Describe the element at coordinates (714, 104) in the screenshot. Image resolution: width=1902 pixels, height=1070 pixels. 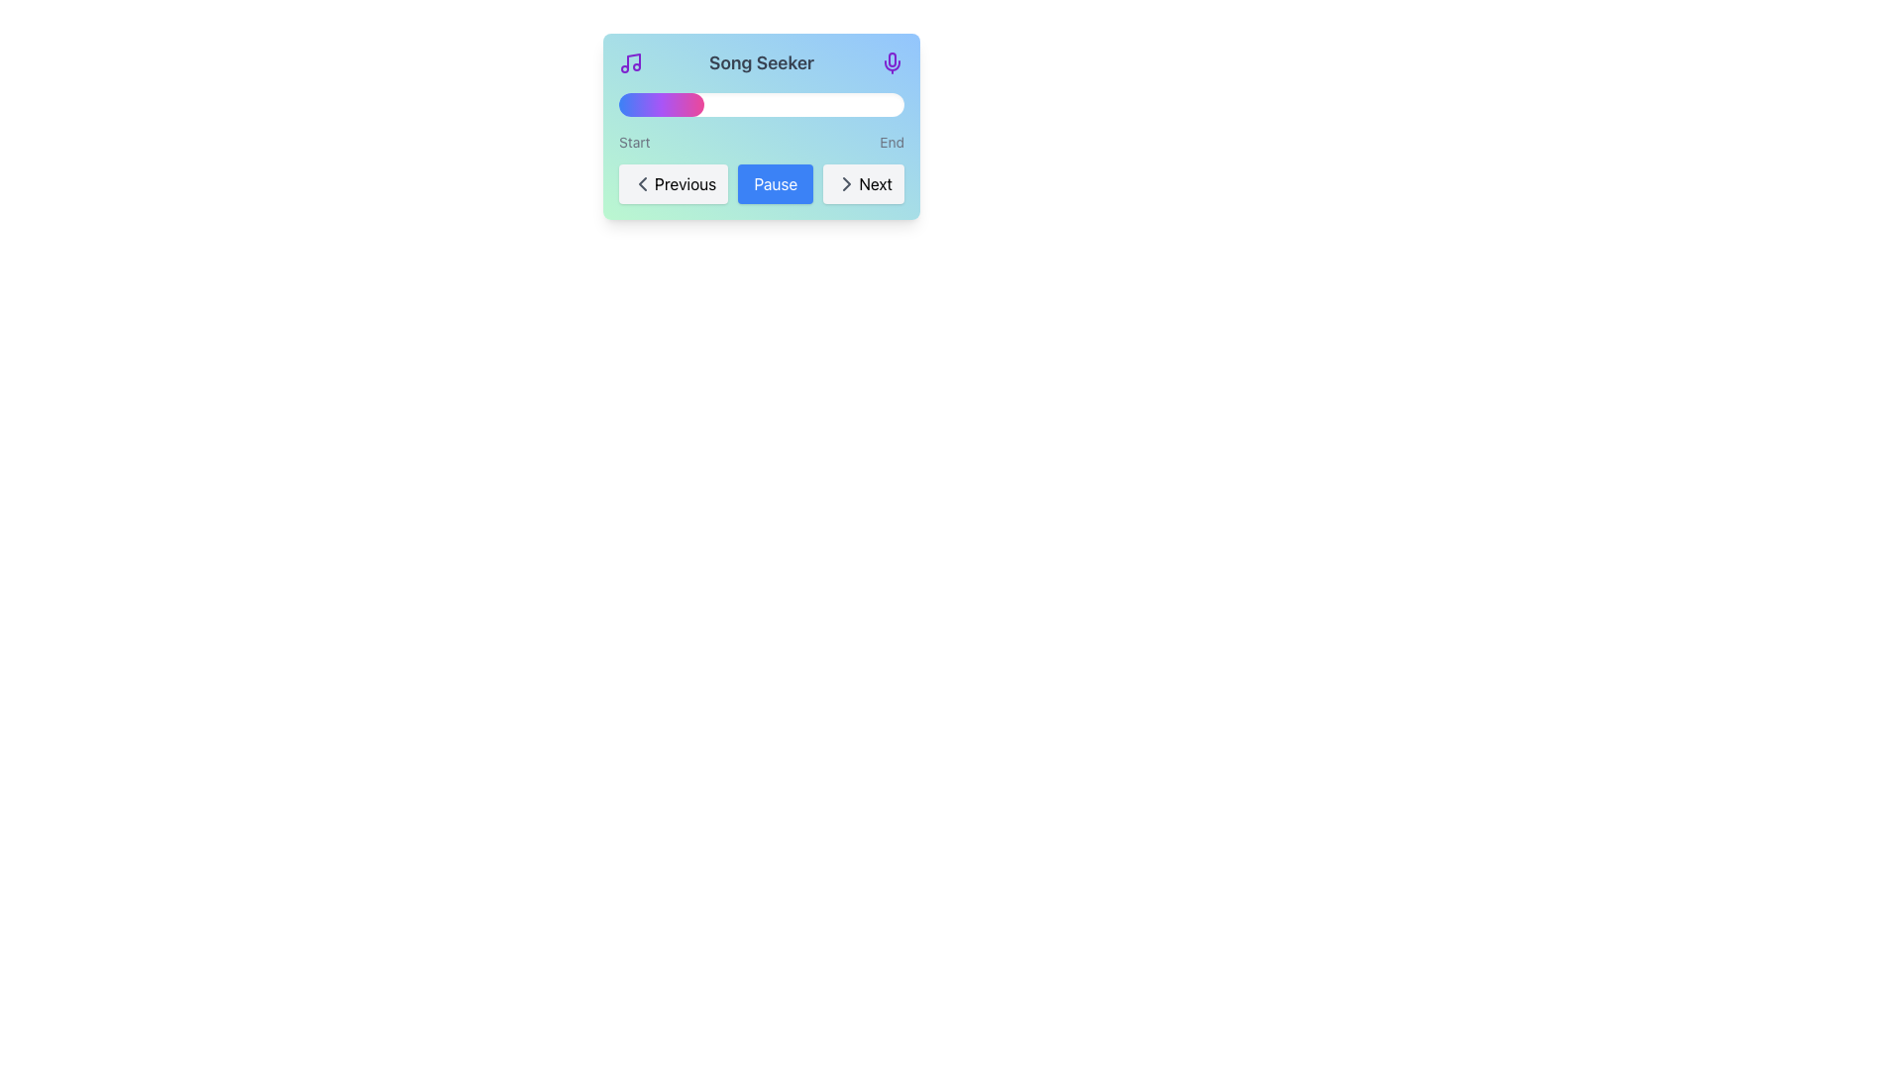
I see `the slider value` at that location.